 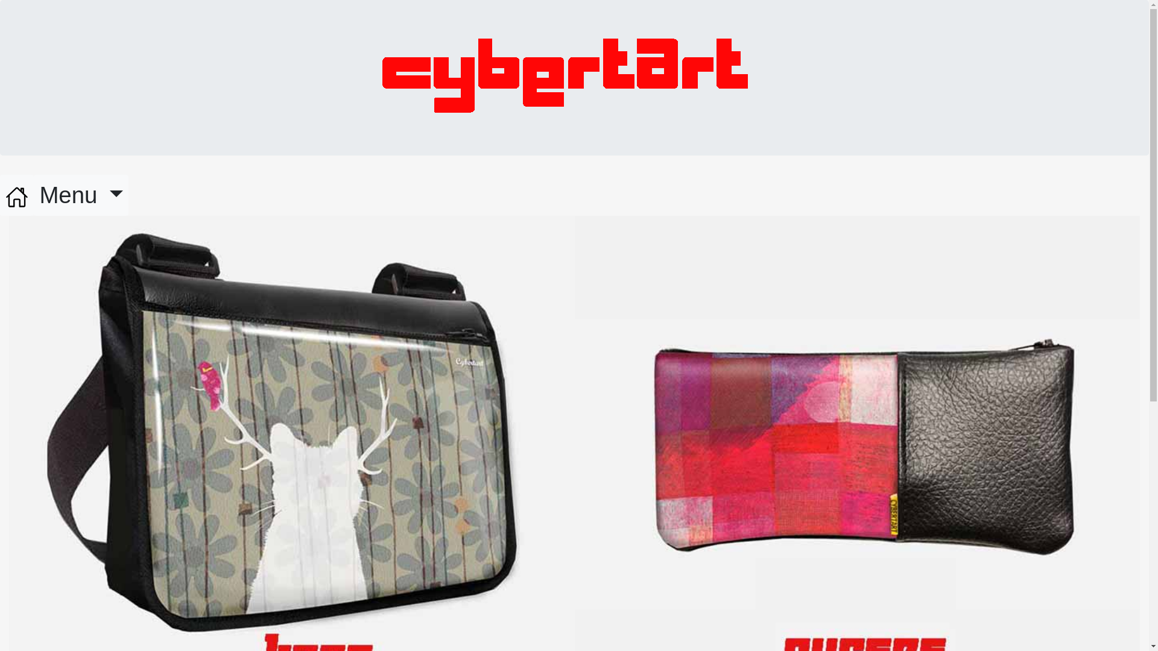 I want to click on 'Menu', so click(x=34, y=195).